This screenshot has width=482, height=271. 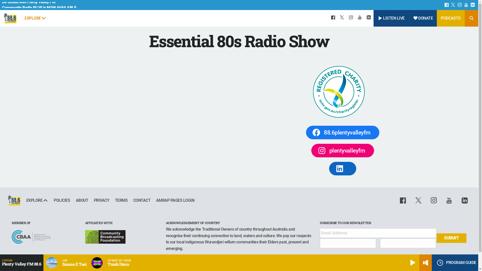 What do you see at coordinates (35, 18) in the screenshot?
I see `'EXPLORE'` at bounding box center [35, 18].